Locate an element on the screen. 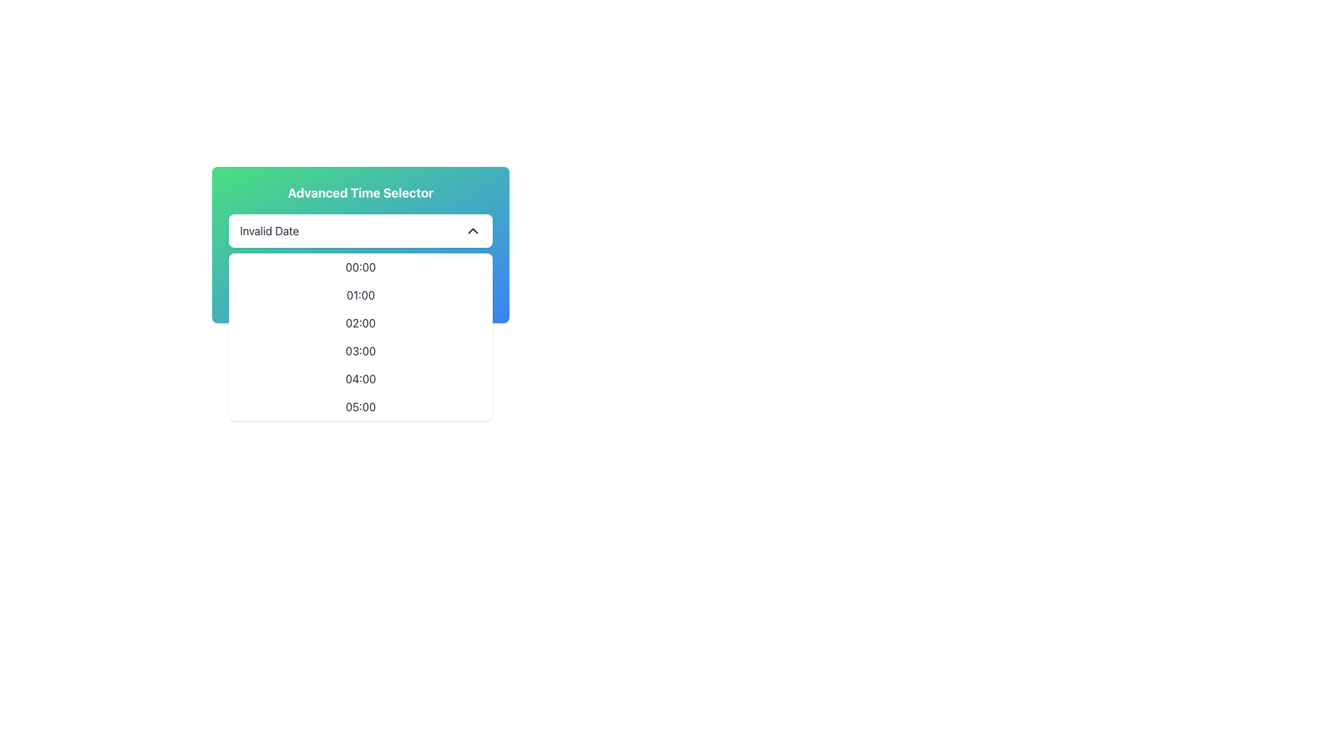 The height and width of the screenshot is (754, 1340). the text option '05:00' in the dropdown is located at coordinates (361, 406).